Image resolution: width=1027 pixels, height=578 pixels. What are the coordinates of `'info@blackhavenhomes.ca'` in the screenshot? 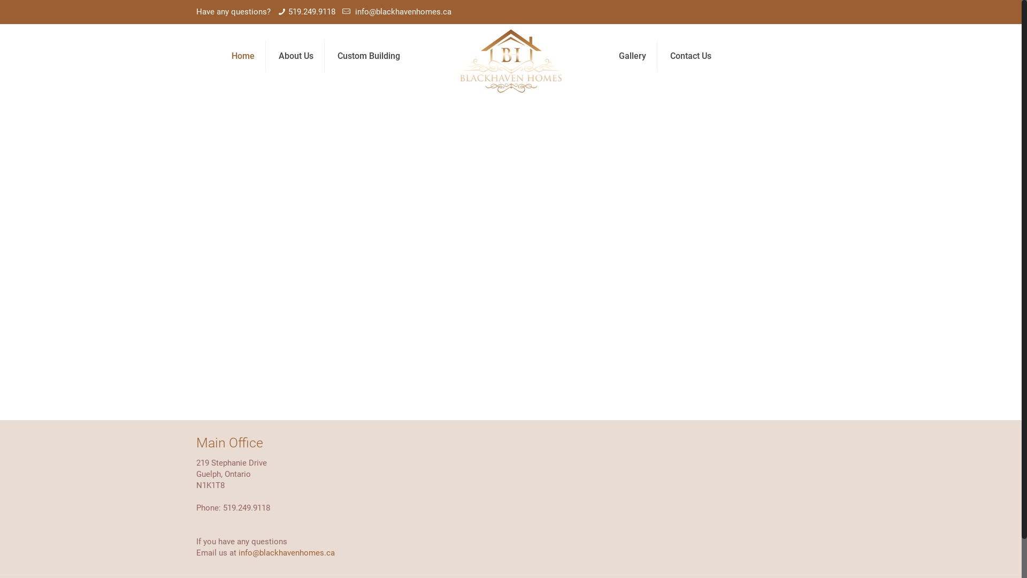 It's located at (287, 553).